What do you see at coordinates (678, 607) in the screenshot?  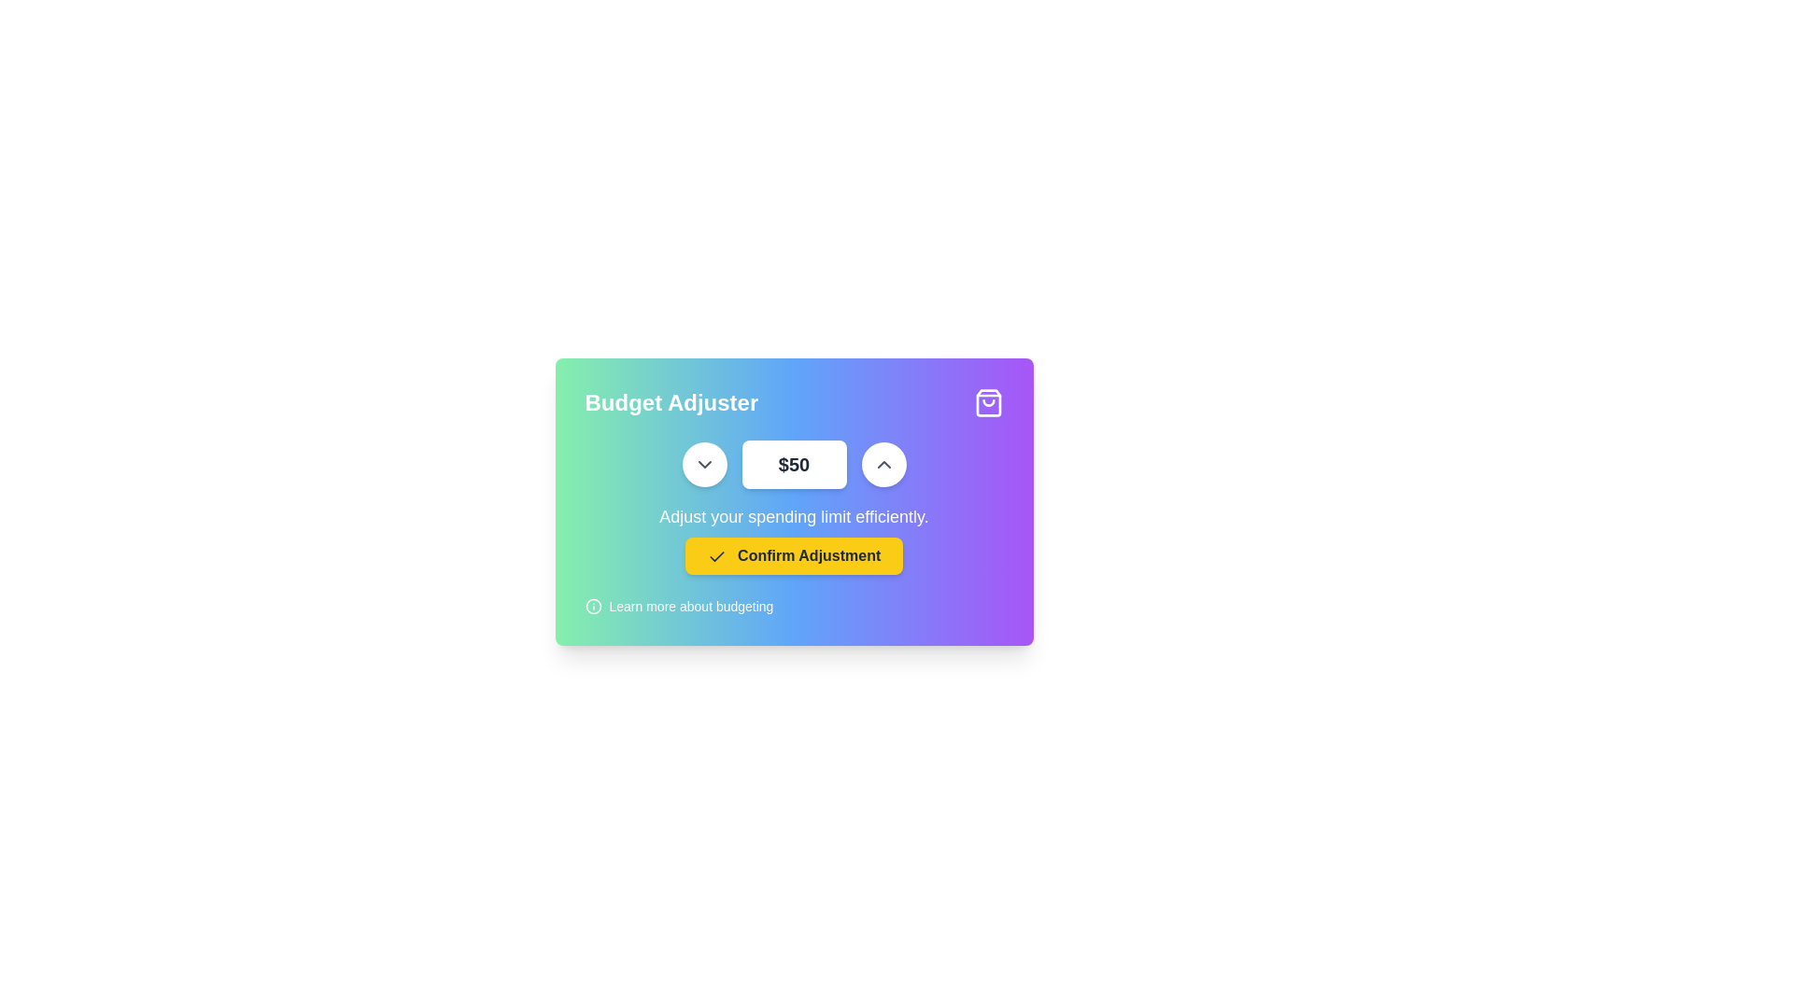 I see `the hyperlink with icon and text located at the bottom of the 'Budget Adjuster' card interface` at bounding box center [678, 607].